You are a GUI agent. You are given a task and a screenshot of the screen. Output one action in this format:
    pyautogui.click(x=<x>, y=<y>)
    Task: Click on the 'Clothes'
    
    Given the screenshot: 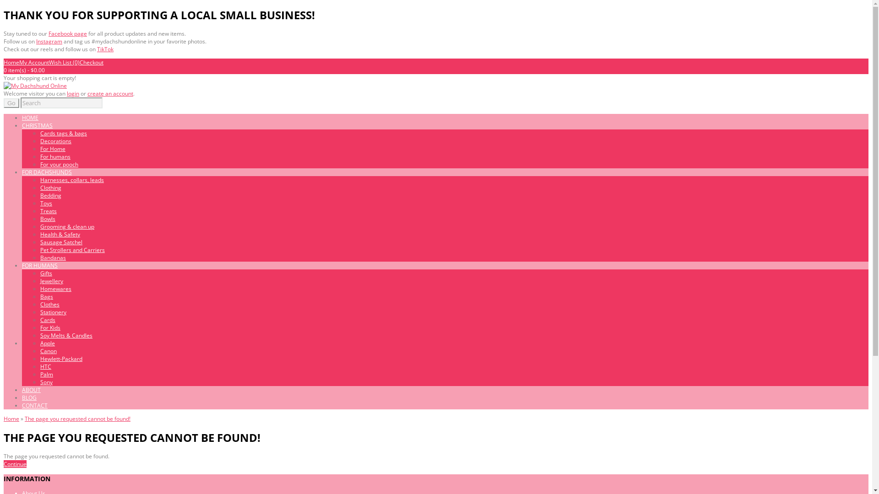 What is the action you would take?
    pyautogui.click(x=49, y=304)
    